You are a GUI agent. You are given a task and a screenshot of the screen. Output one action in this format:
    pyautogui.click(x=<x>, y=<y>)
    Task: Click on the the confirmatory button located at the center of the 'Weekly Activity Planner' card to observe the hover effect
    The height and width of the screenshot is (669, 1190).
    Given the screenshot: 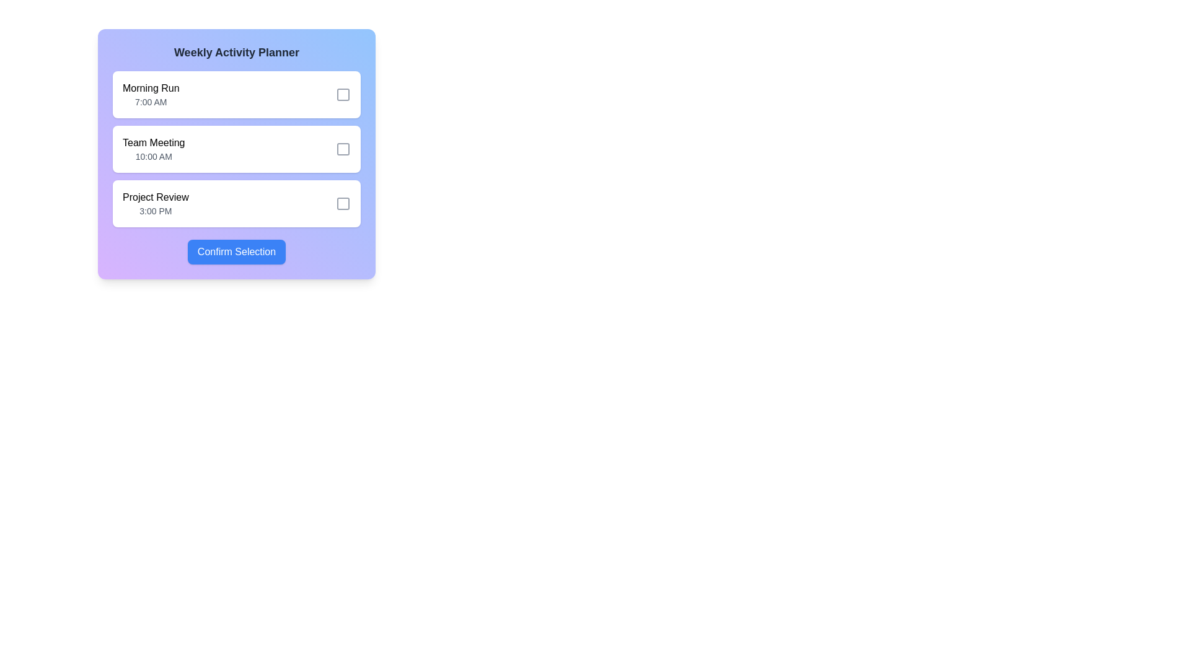 What is the action you would take?
    pyautogui.click(x=237, y=251)
    